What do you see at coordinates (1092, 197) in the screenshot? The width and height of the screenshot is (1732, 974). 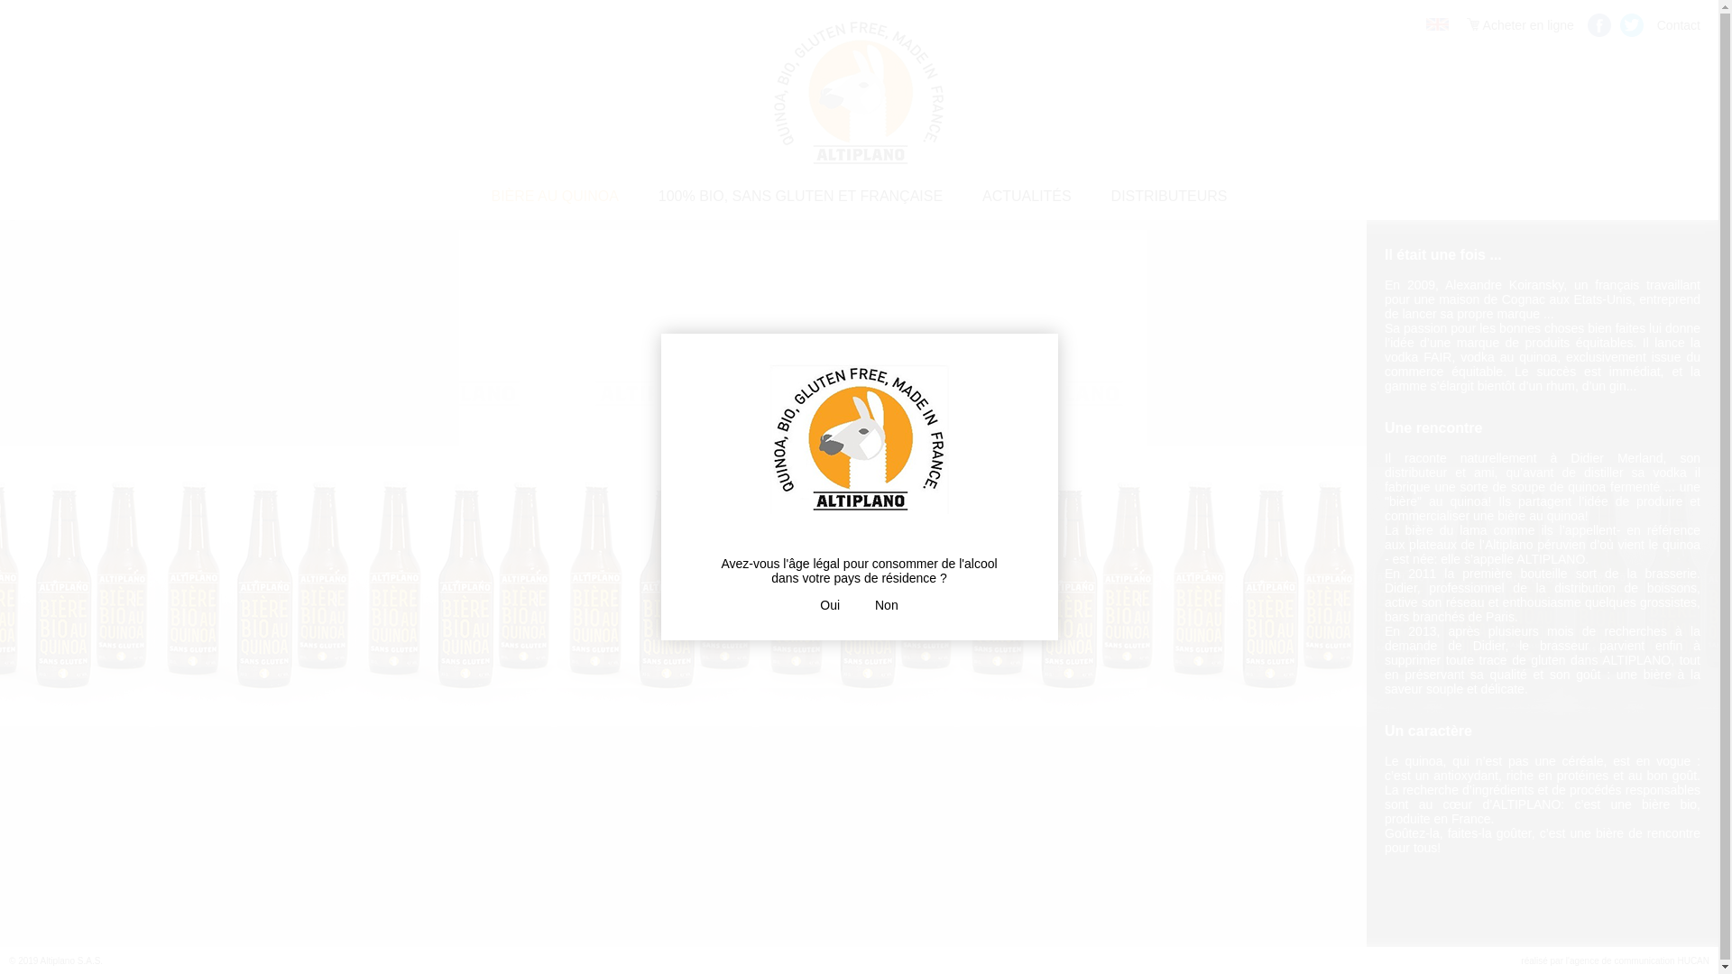 I see `'DISTRIBUTEURS'` at bounding box center [1092, 197].